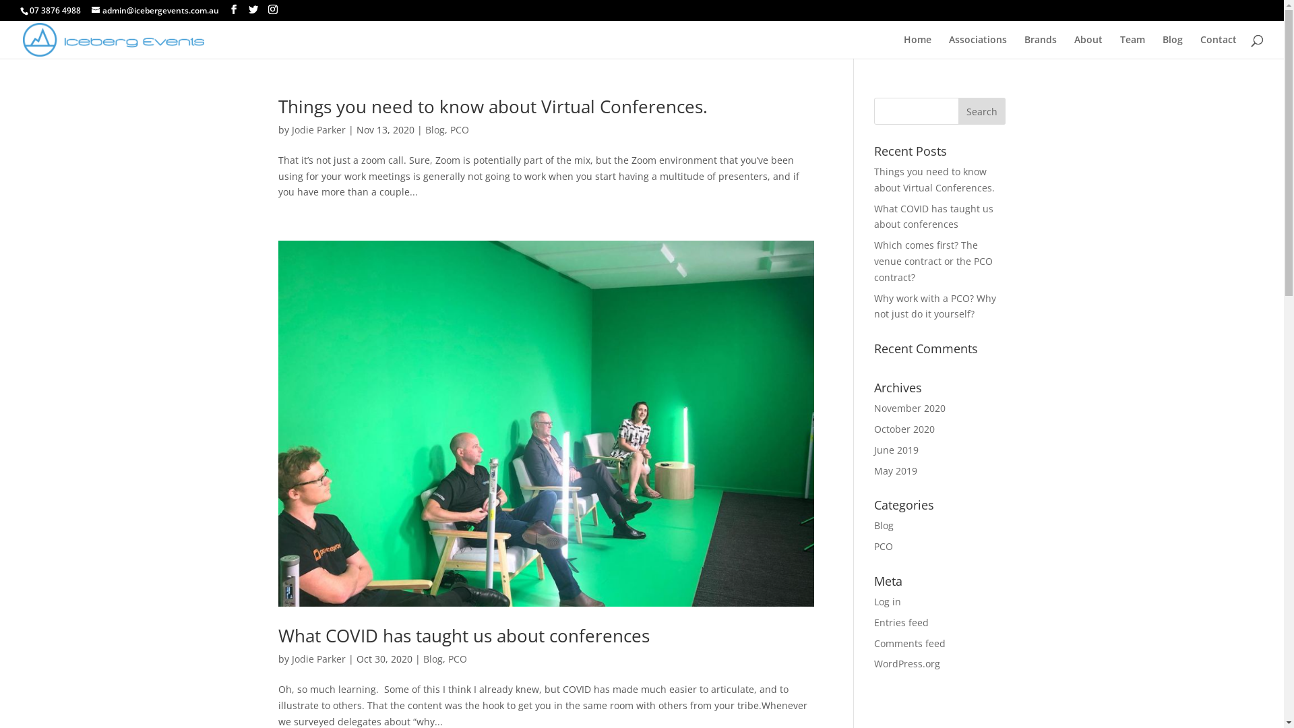 Image resolution: width=1294 pixels, height=728 pixels. I want to click on 'Things you need to know about Virtual Conferences.', so click(933, 179).